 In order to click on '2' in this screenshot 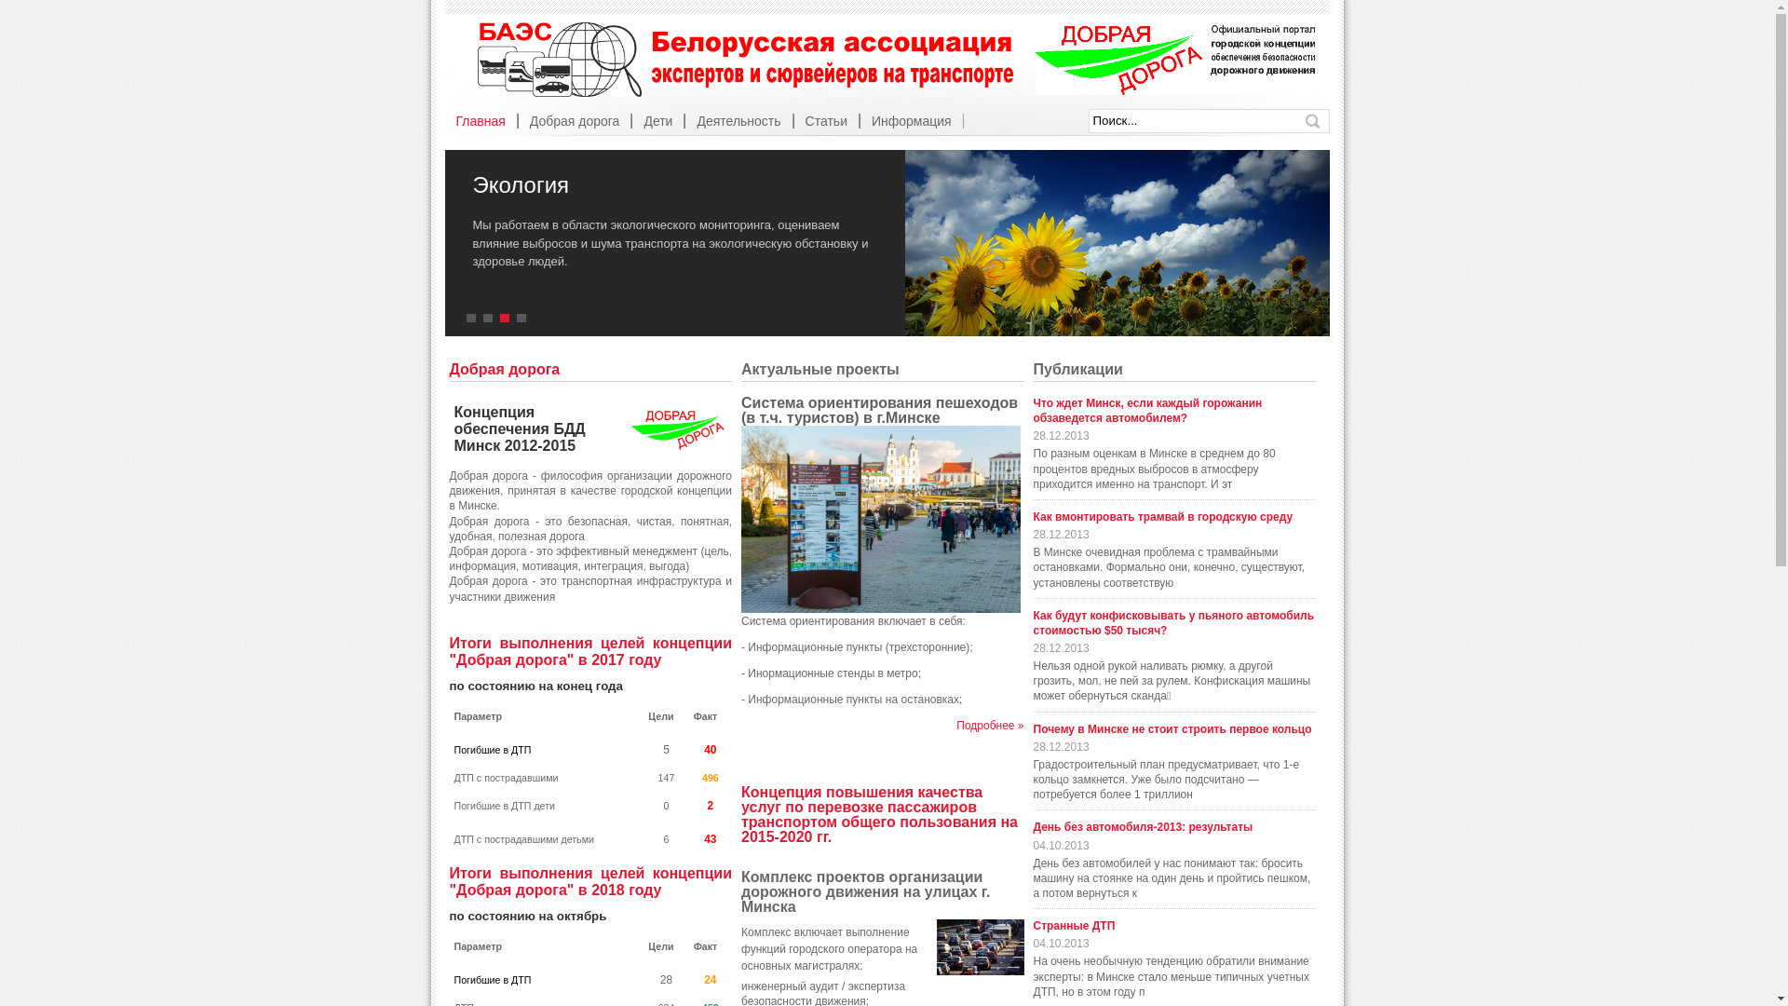, I will do `click(489, 318)`.